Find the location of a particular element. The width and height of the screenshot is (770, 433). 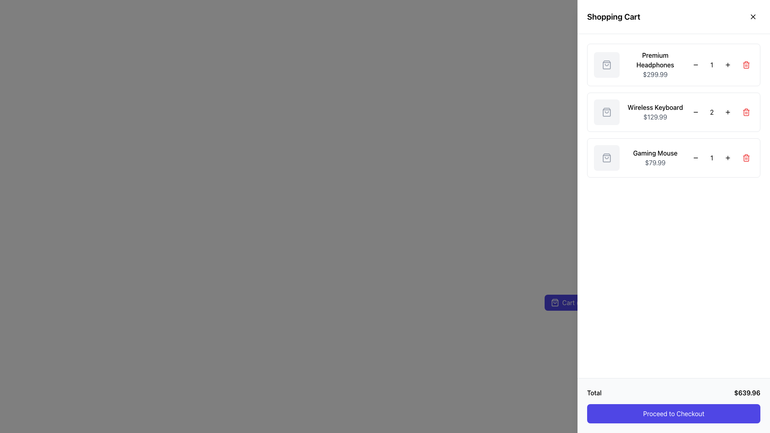

the button is located at coordinates (746, 158).